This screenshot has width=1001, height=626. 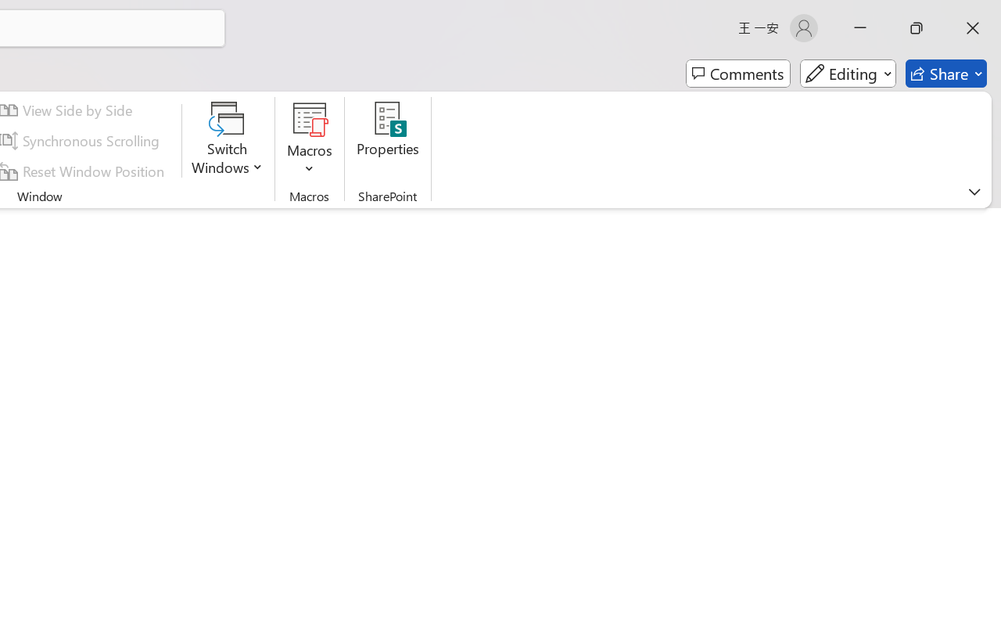 I want to click on 'Comments', so click(x=737, y=74).